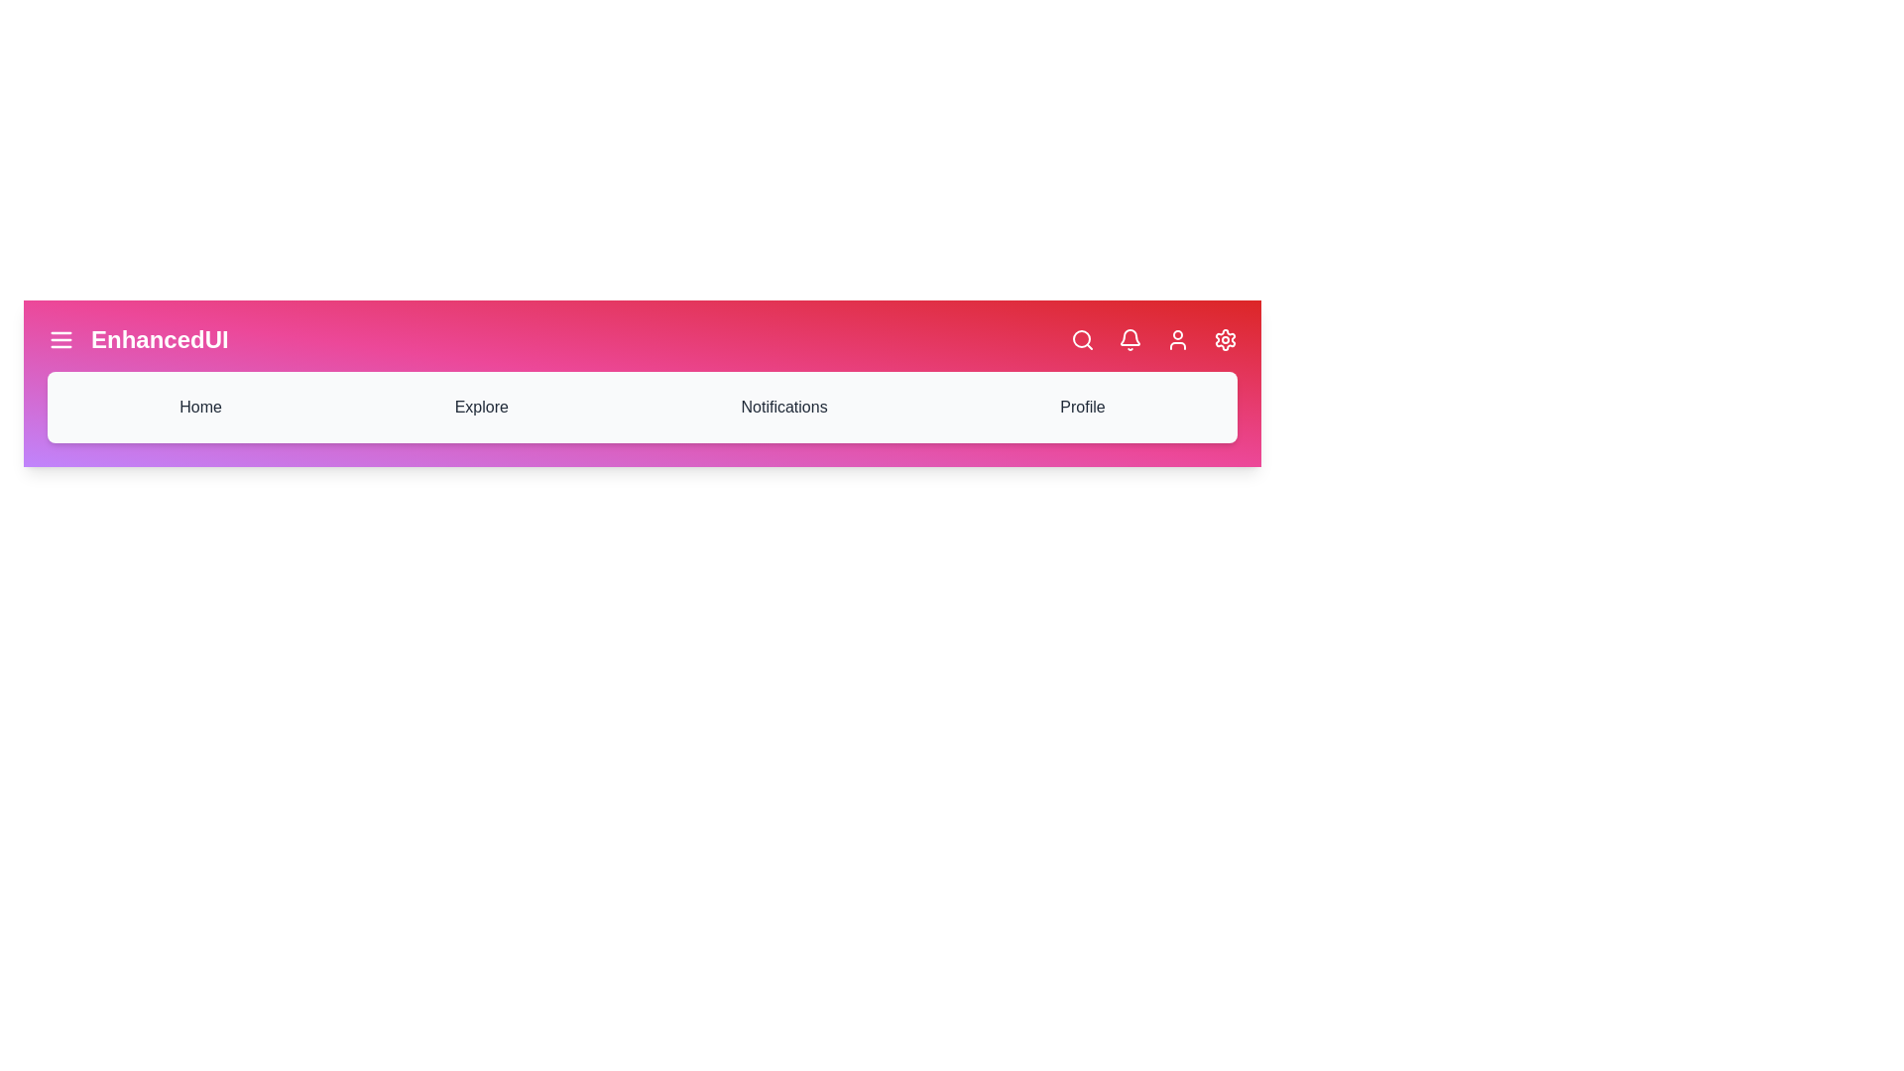 The image size is (1904, 1071). Describe the element at coordinates (1225, 339) in the screenshot. I see `the icon corresponding to Settings` at that location.